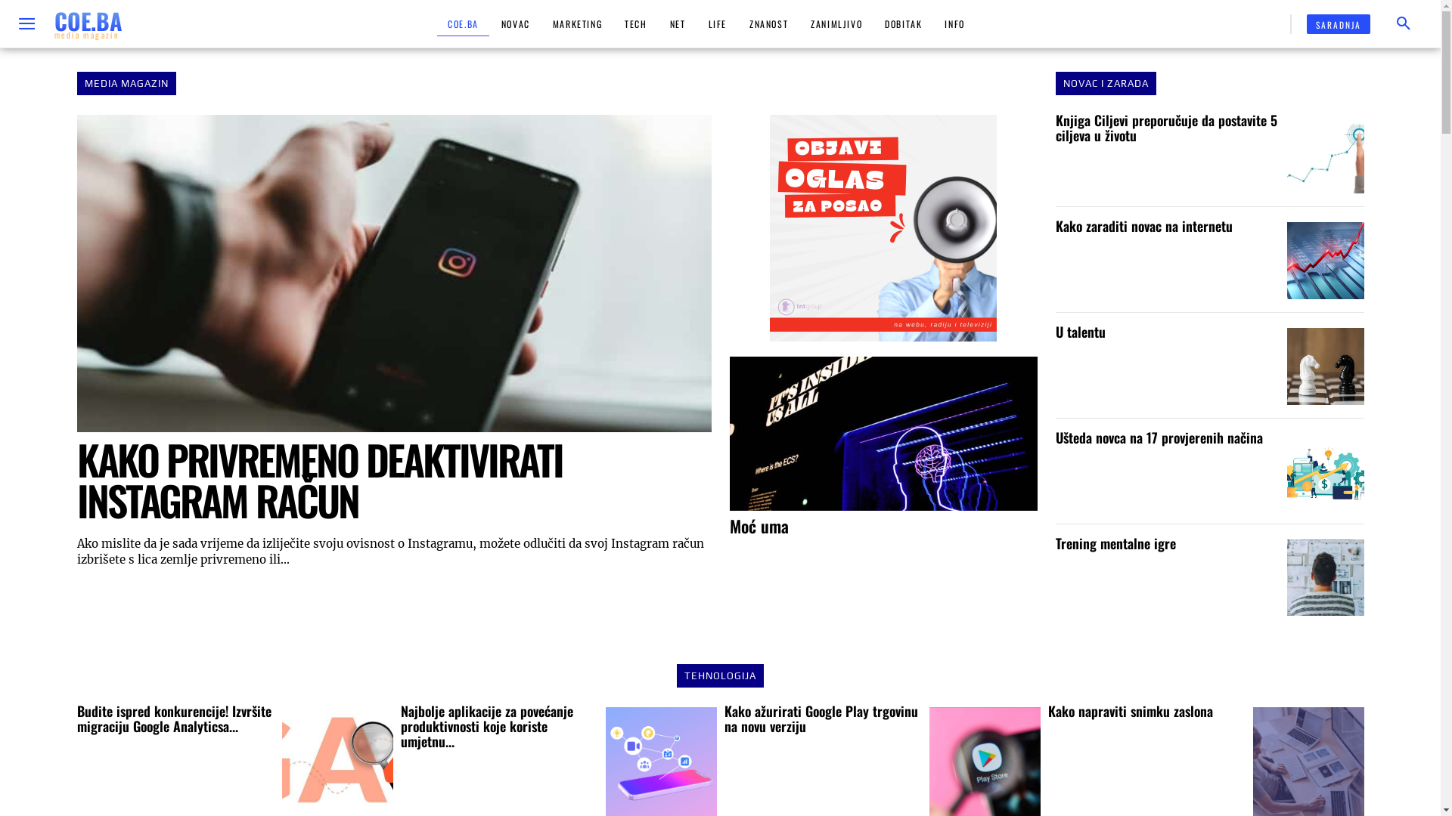  Describe the element at coordinates (677, 23) in the screenshot. I see `'NET'` at that location.